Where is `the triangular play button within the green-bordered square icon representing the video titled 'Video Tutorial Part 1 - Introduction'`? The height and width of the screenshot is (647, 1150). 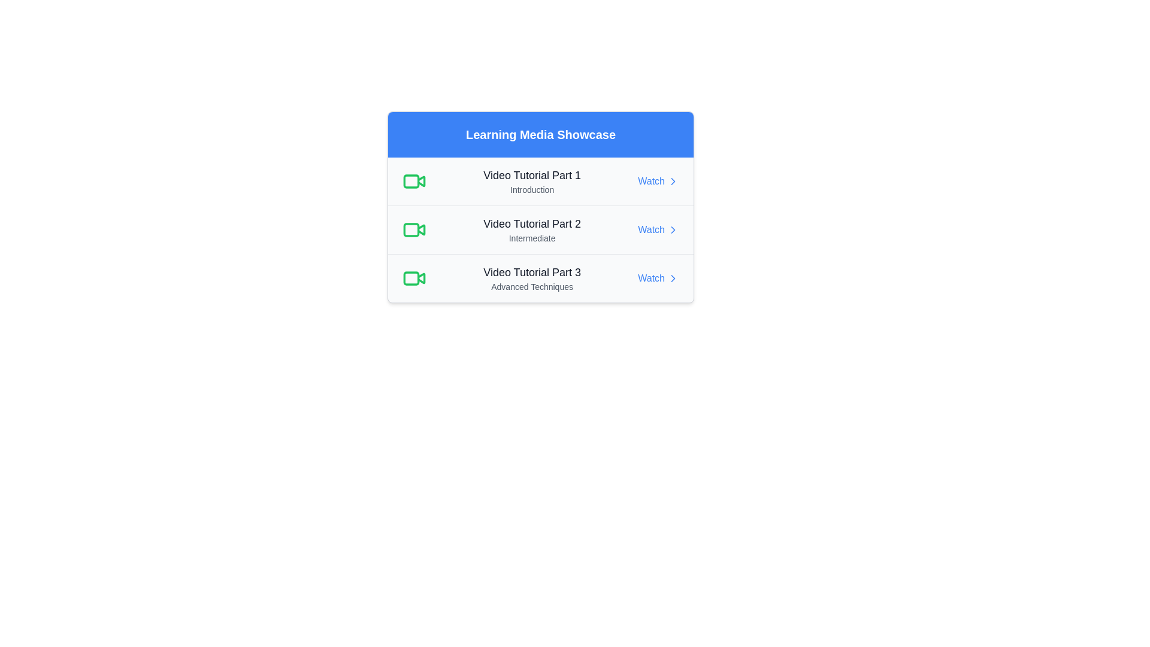
the triangular play button within the green-bordered square icon representing the video titled 'Video Tutorial Part 1 - Introduction' is located at coordinates (421, 181).